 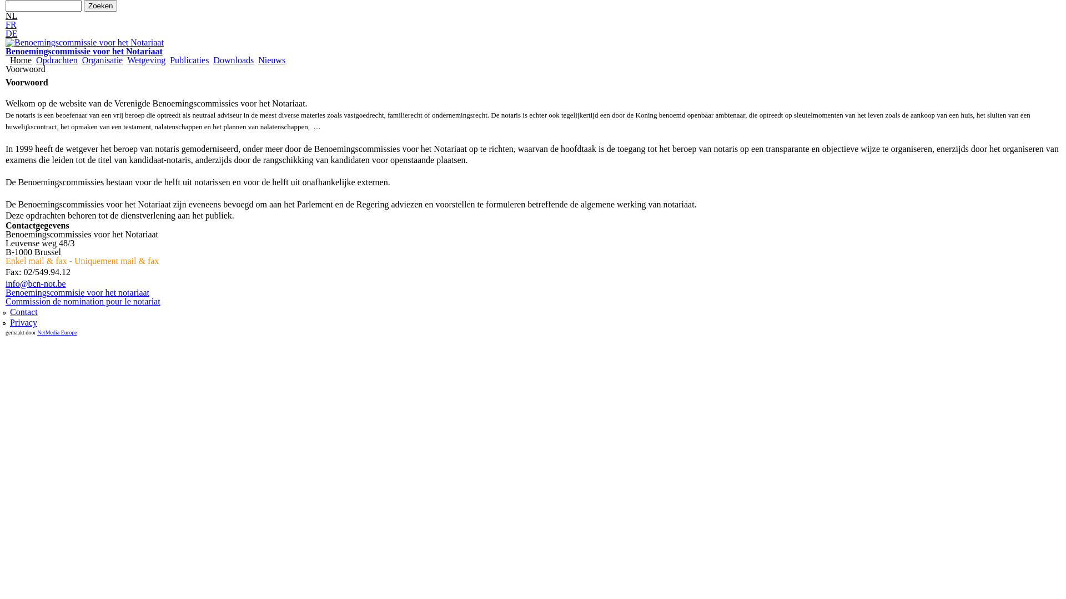 I want to click on 'DE', so click(x=11, y=33).